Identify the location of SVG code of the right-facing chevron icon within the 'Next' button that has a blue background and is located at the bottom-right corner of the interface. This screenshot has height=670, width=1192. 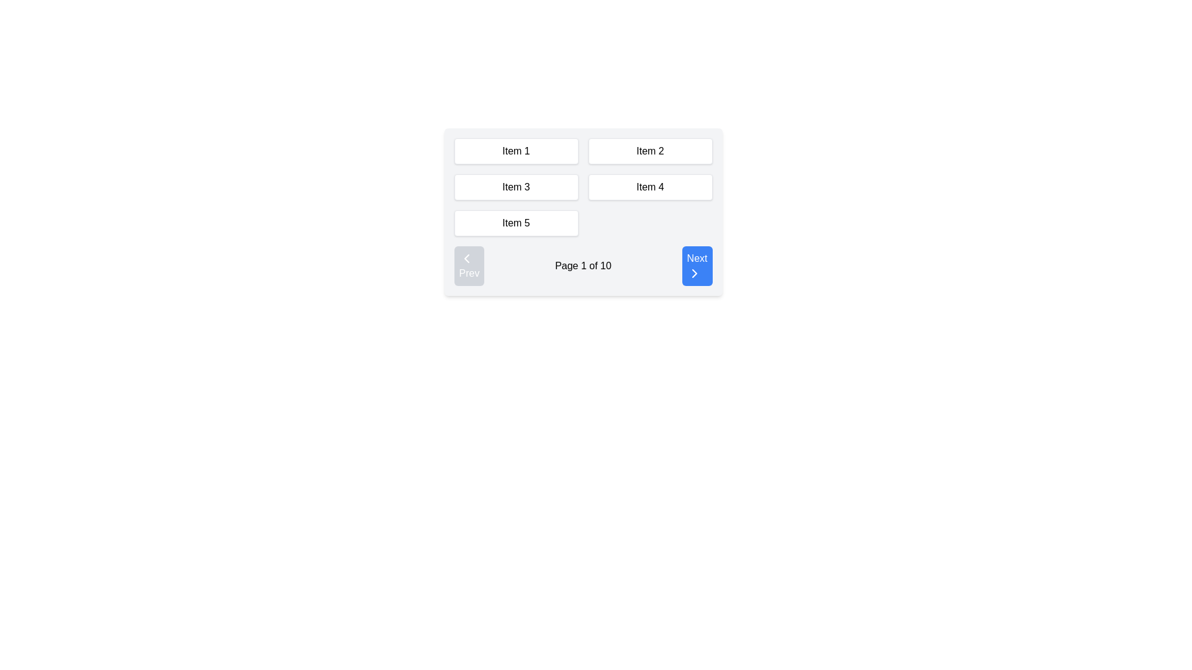
(693, 272).